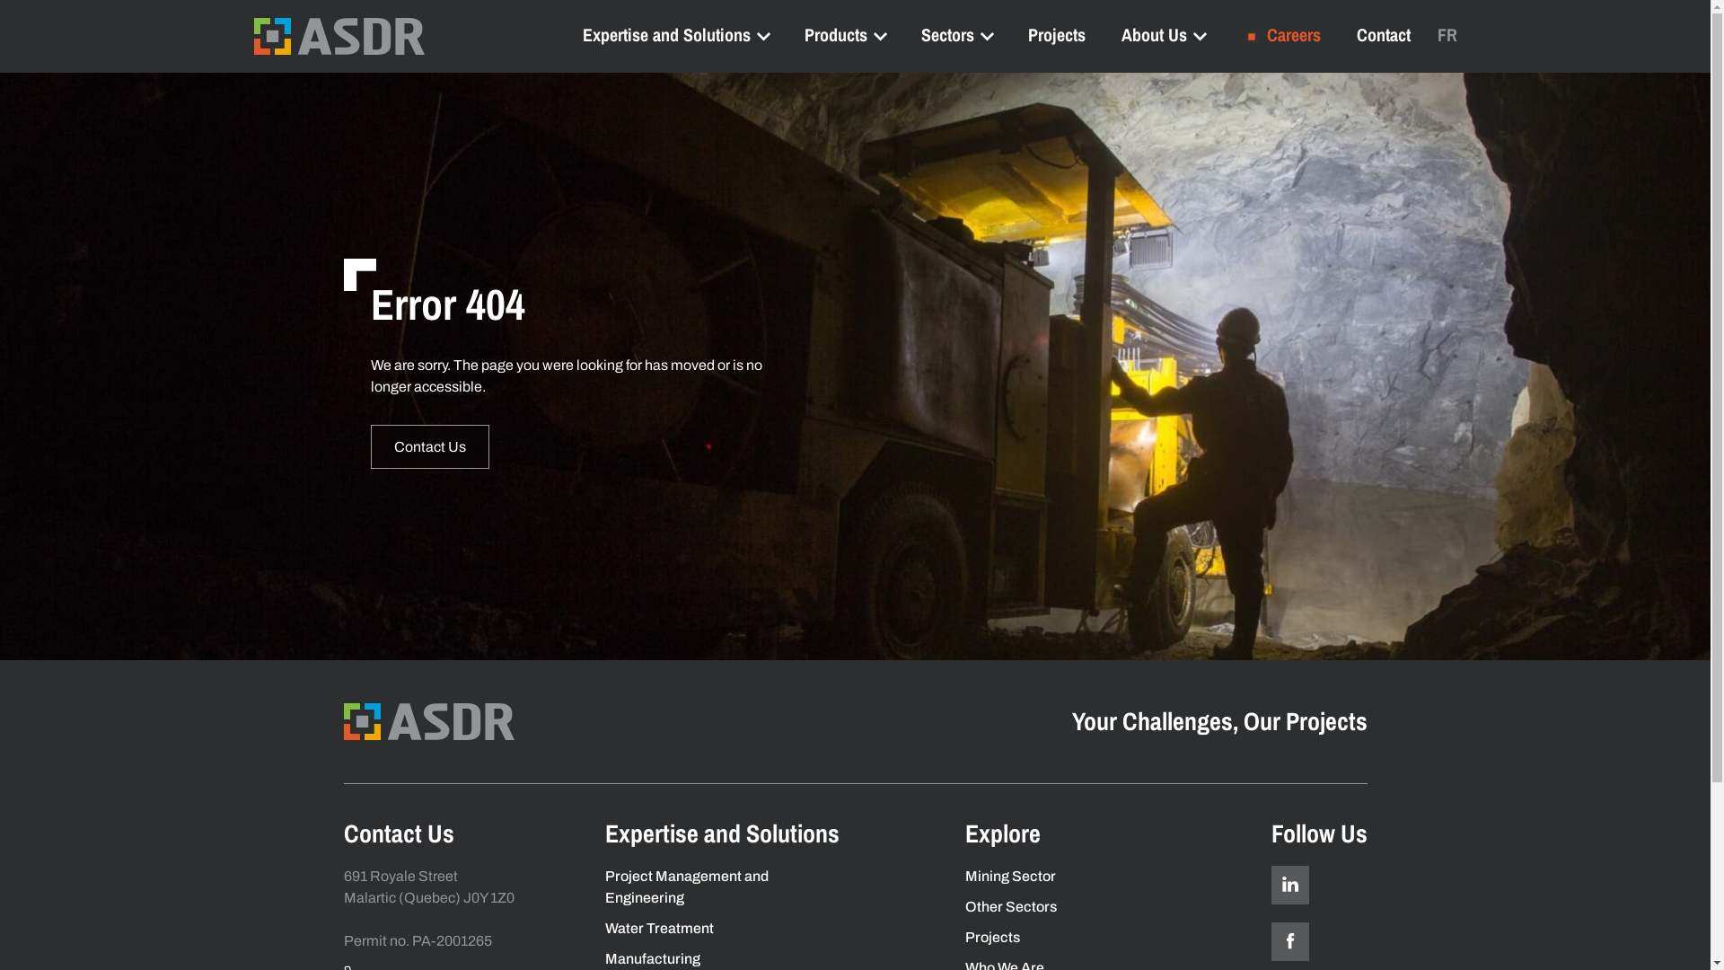 The image size is (1724, 970). I want to click on 'Expertise and Solutions', so click(673, 34).